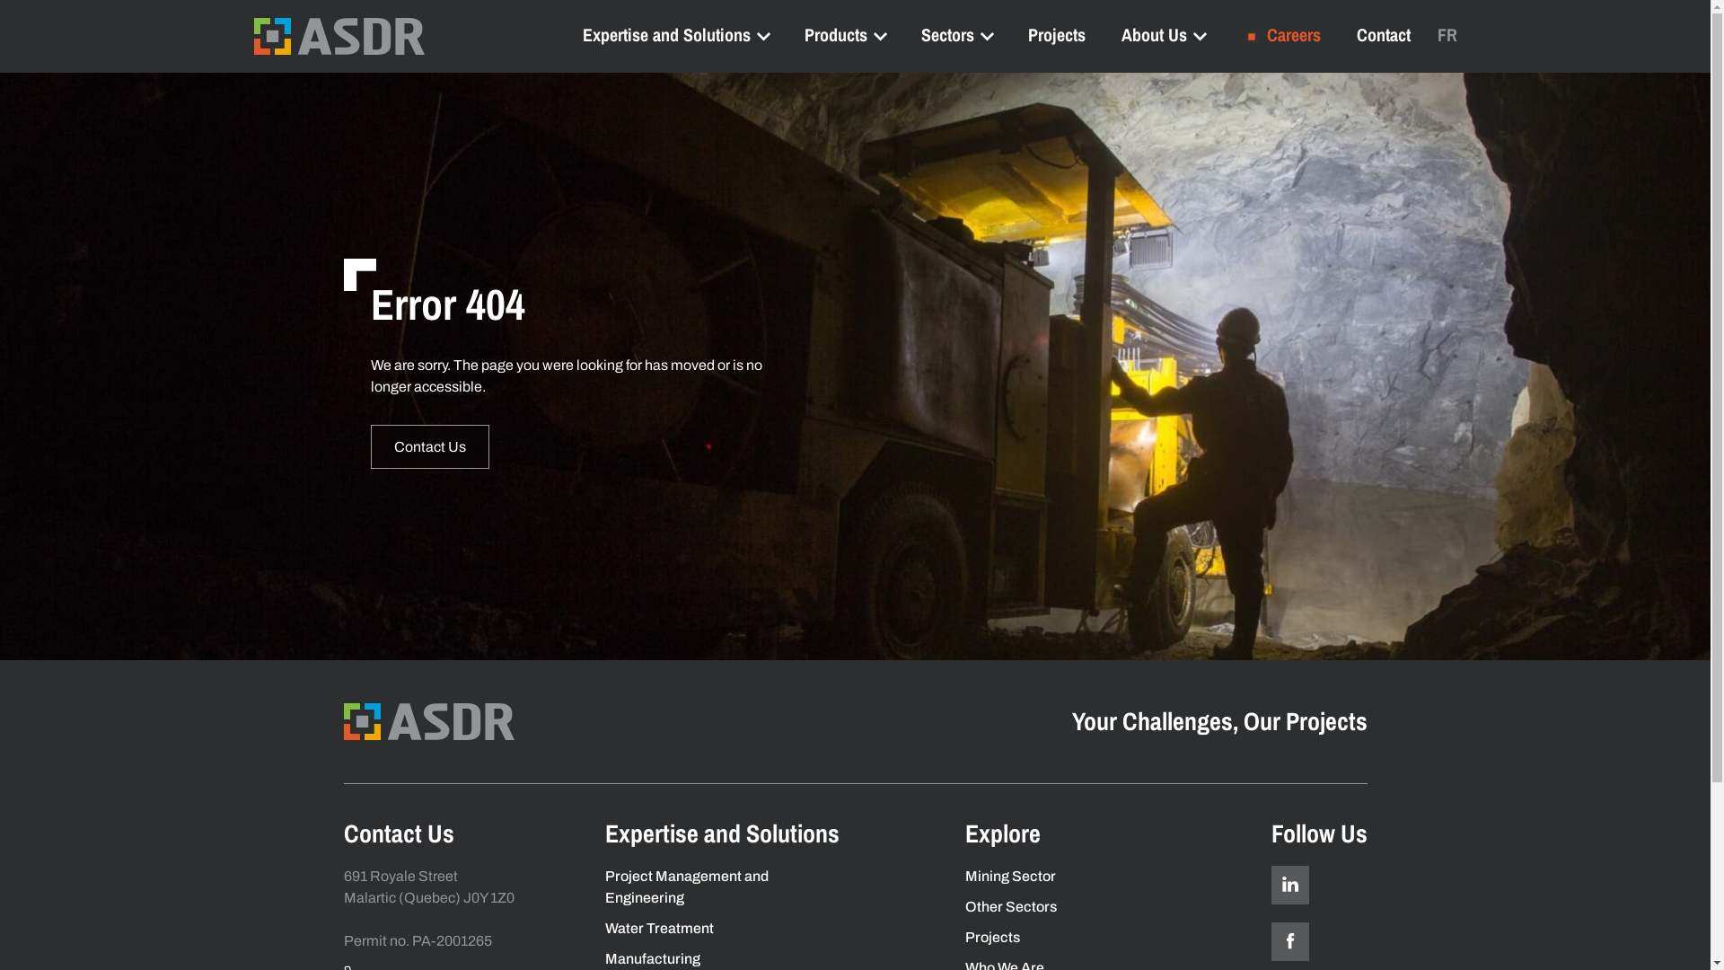 The image size is (1724, 970). I want to click on 'Expertise and Solutions', so click(673, 34).